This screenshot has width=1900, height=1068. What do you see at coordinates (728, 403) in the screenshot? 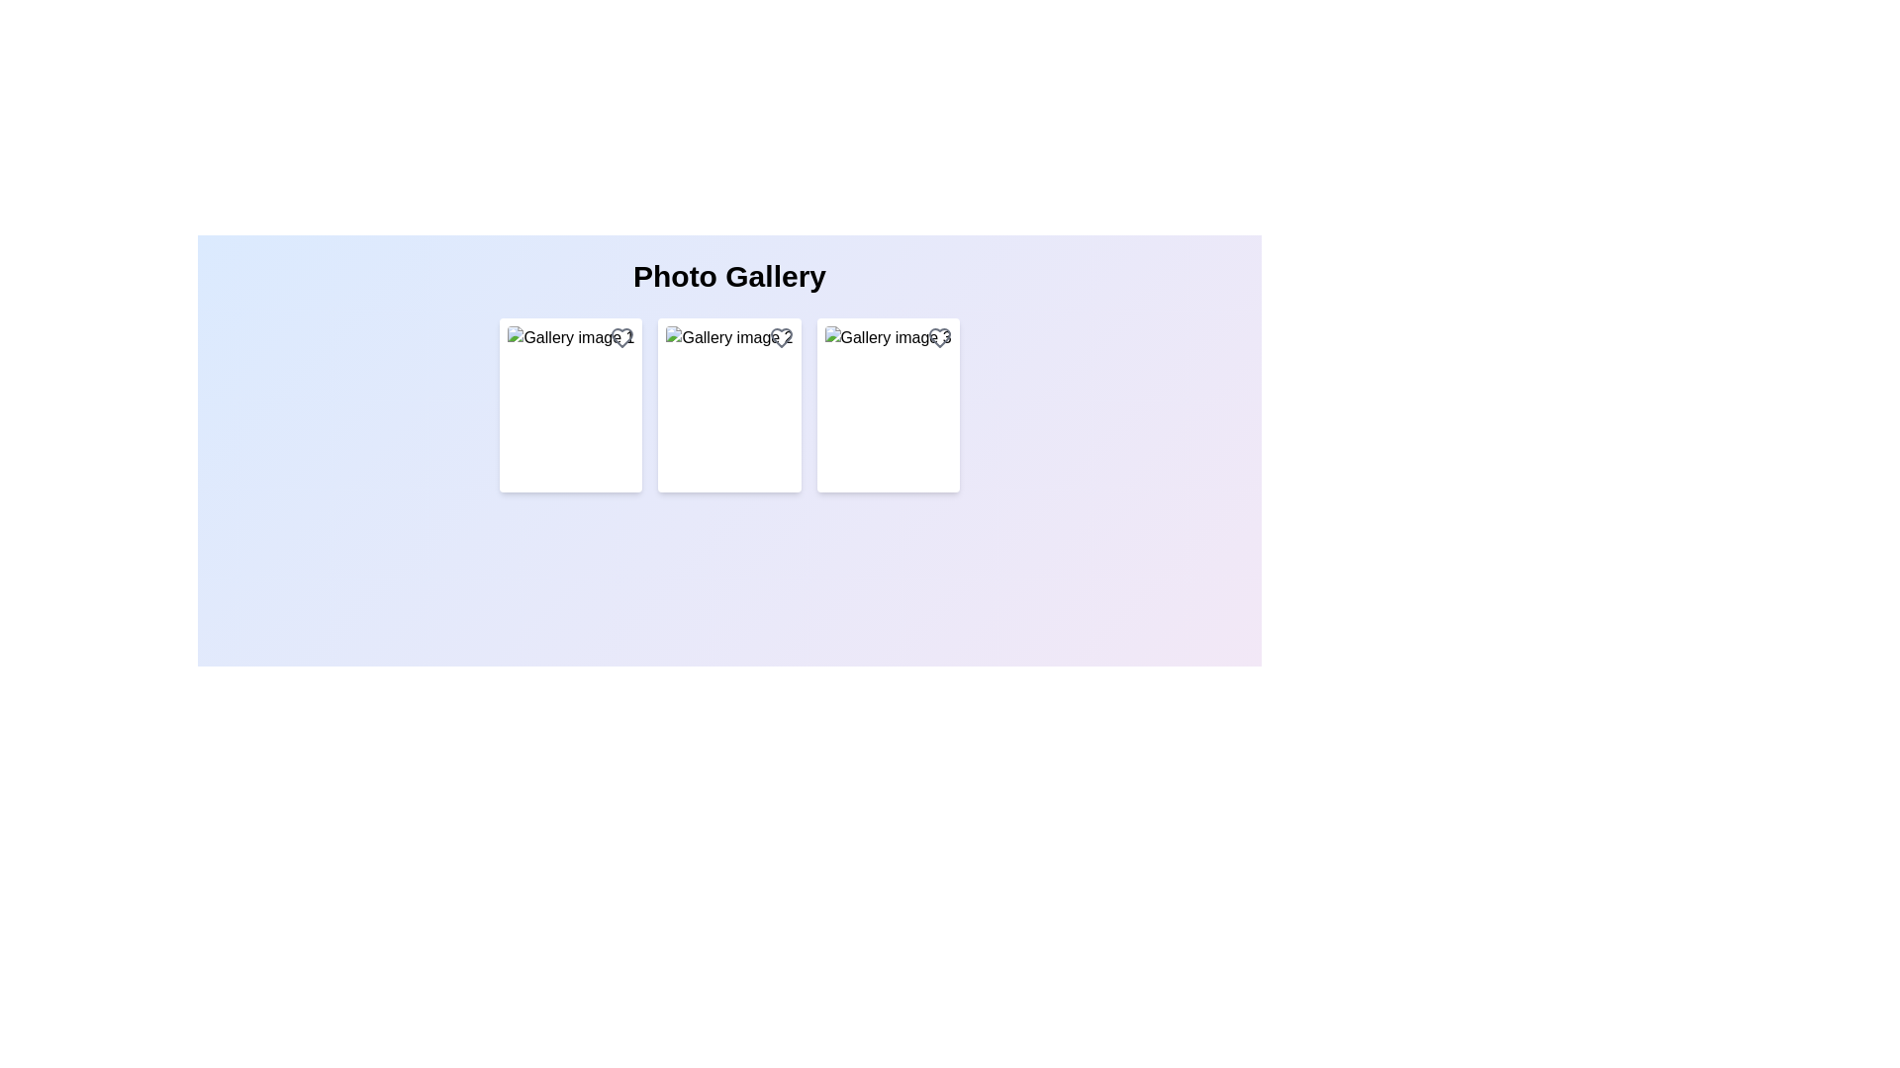
I see `the preview image in the gallery` at bounding box center [728, 403].